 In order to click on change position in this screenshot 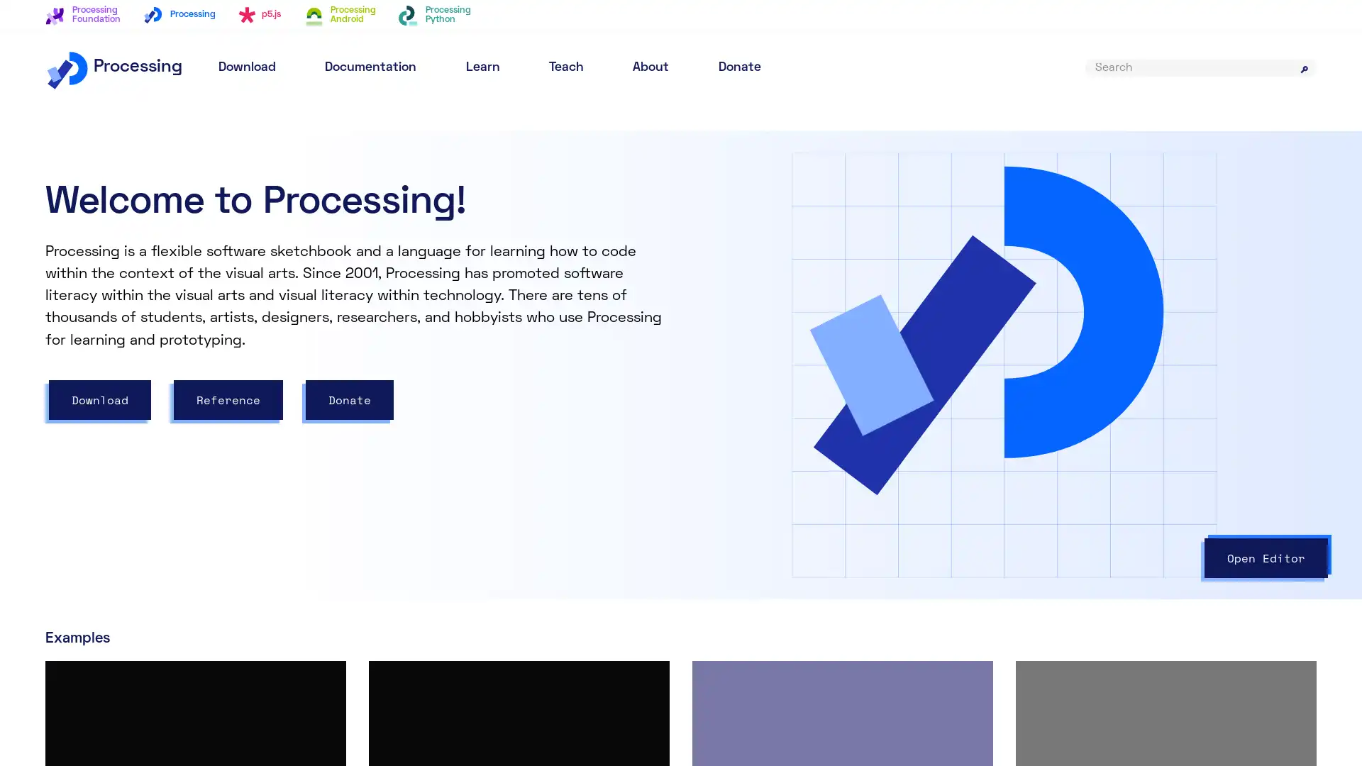, I will do `click(802, 437)`.